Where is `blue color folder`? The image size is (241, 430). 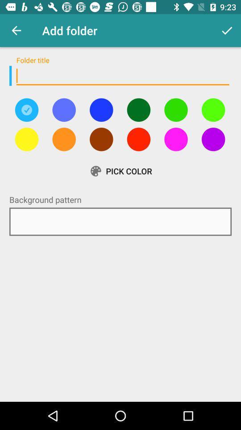
blue color folder is located at coordinates (101, 109).